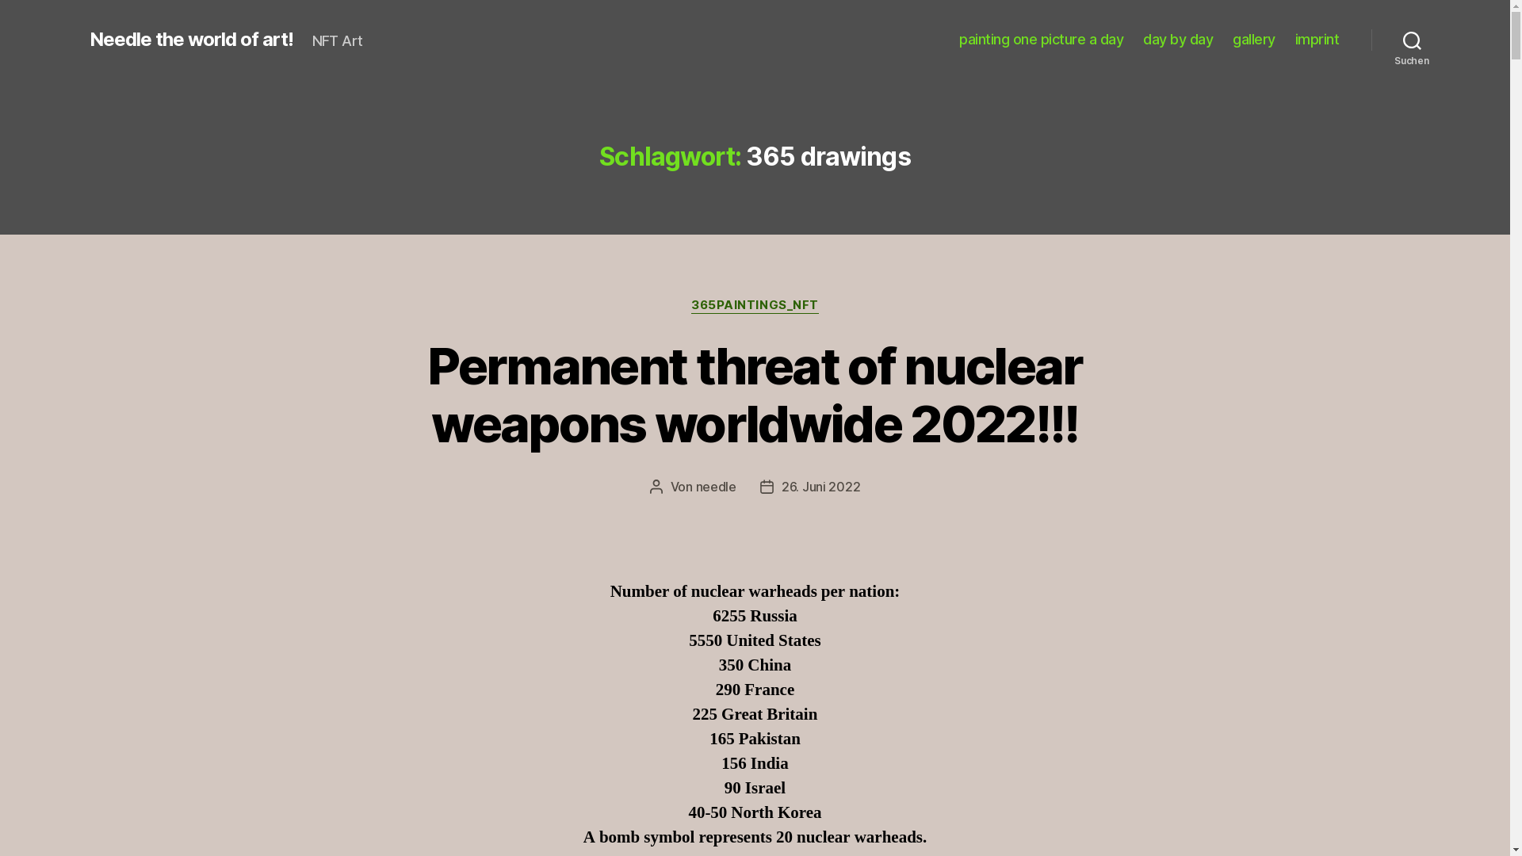 This screenshot has height=856, width=1522. I want to click on '26. Juni 2022', so click(821, 485).